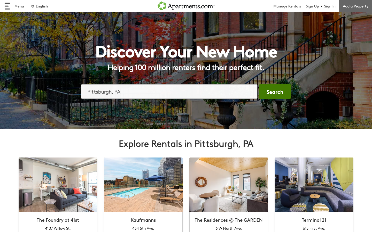  Describe the element at coordinates (186, 6) in the screenshot. I see `back to homepage` at that location.